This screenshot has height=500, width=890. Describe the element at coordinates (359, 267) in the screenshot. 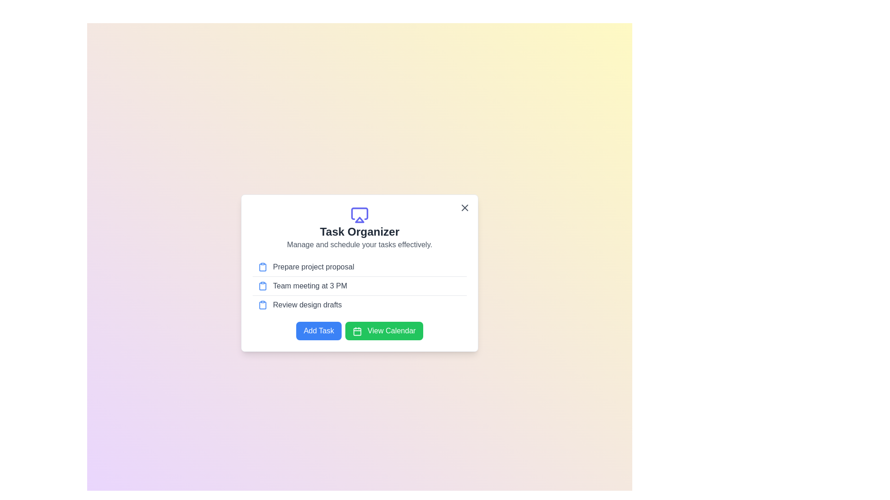

I see `the first task item in the task management interface` at that location.